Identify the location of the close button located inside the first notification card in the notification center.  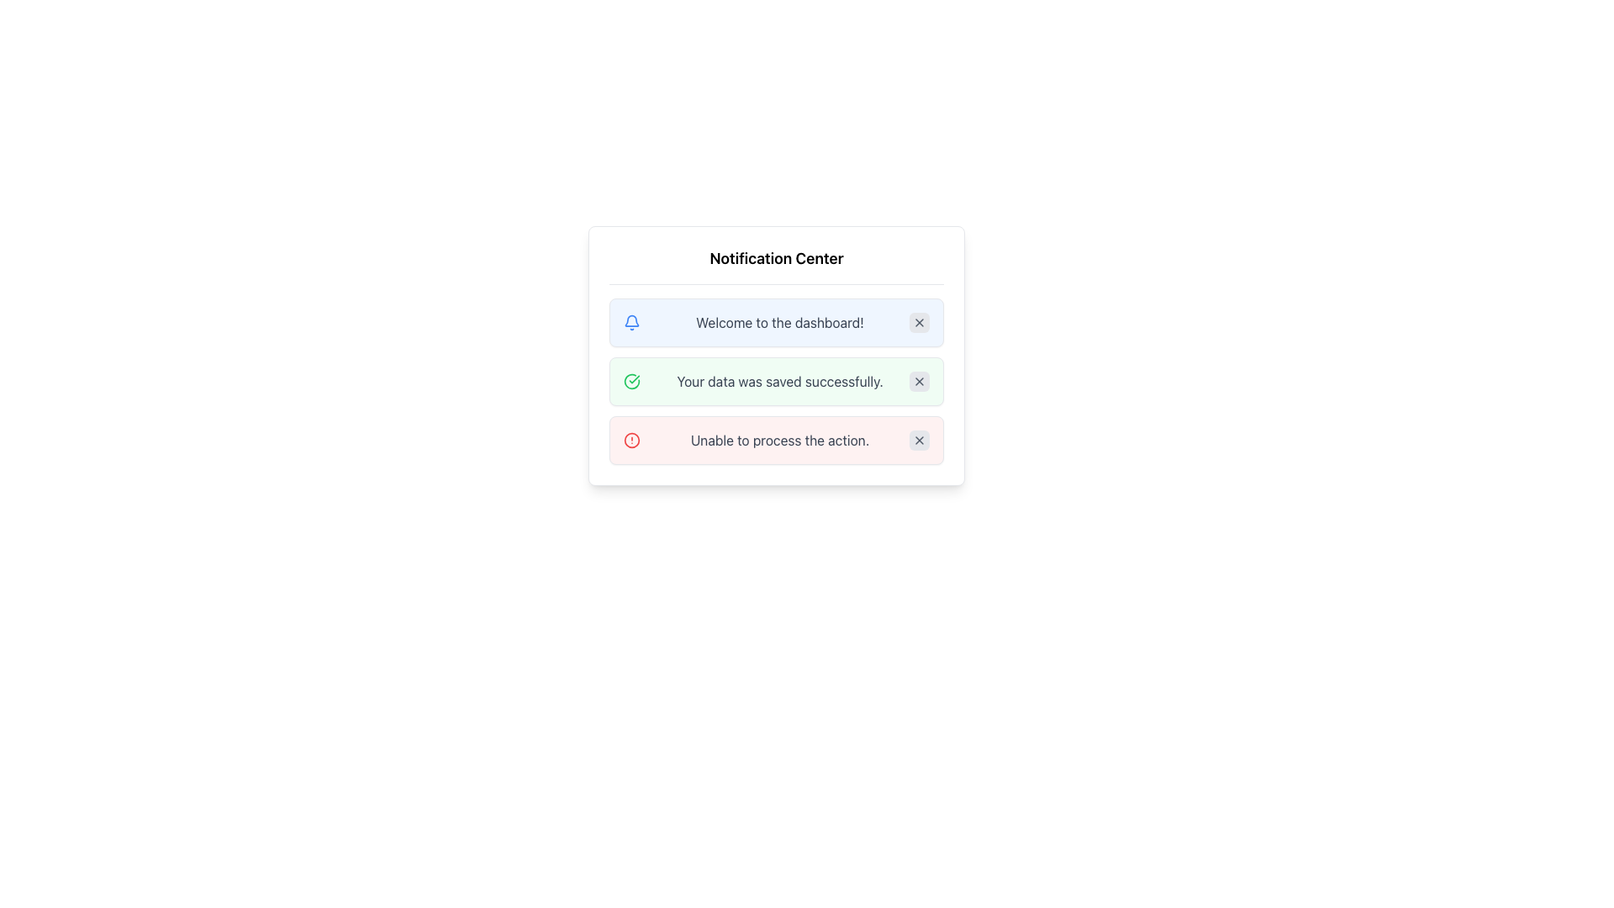
(919, 323).